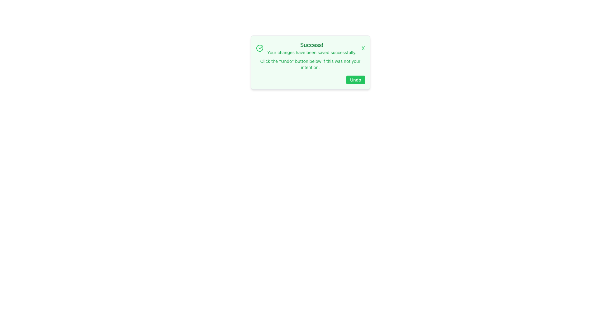 This screenshot has height=336, width=598. What do you see at coordinates (312, 48) in the screenshot?
I see `the static text element that provides feedback to the user about their recent actions, located in the notification box between the green icon and the close button` at bounding box center [312, 48].